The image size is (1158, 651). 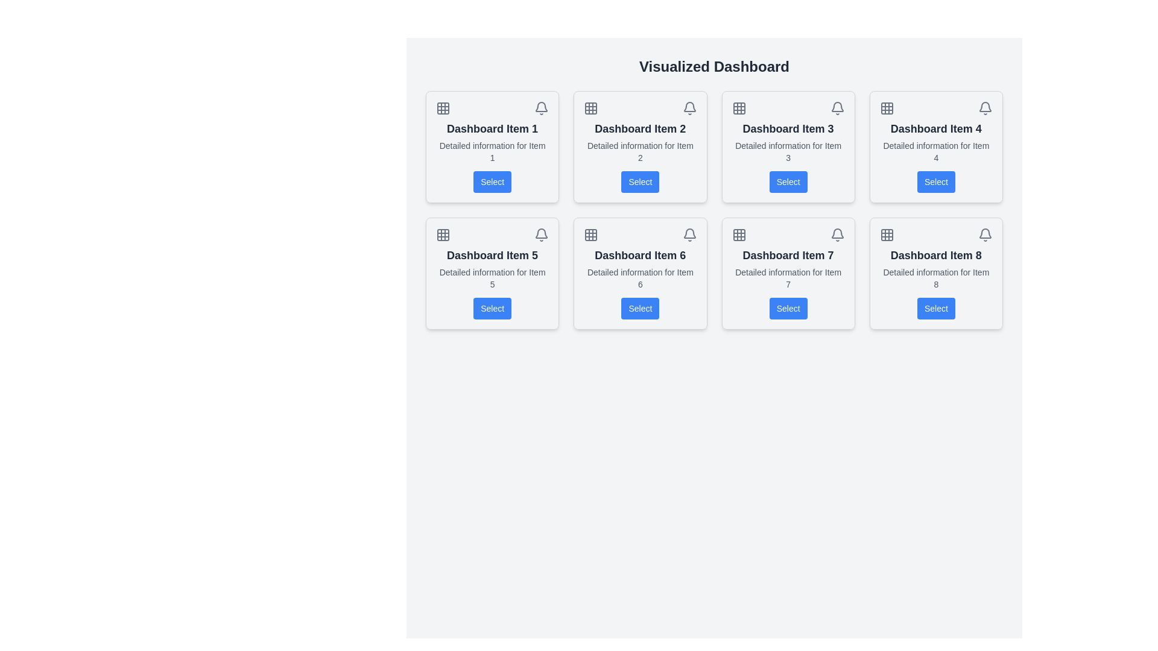 I want to click on the bell icon located in the top-right corner of the card labeled 'Dashboard Item 6', so click(x=689, y=233).